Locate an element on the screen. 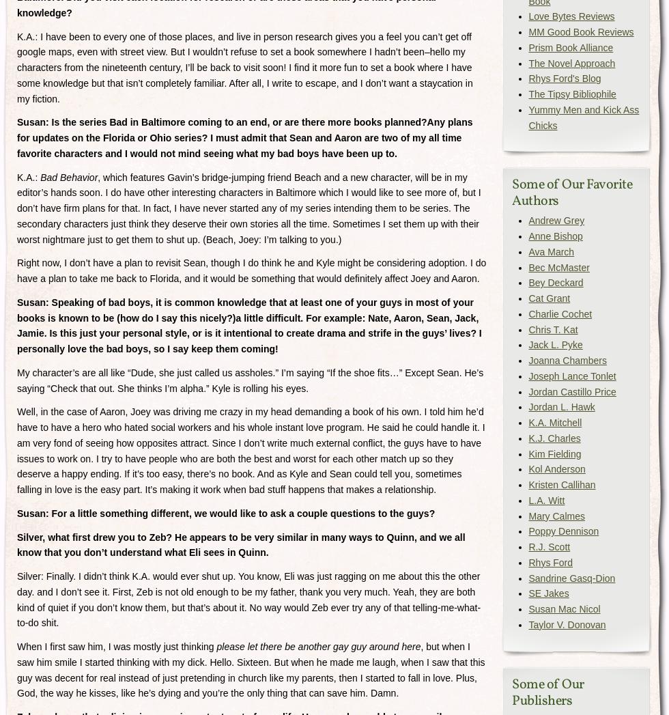 The width and height of the screenshot is (669, 715). 'Some of Our Publishers' is located at coordinates (547, 692).